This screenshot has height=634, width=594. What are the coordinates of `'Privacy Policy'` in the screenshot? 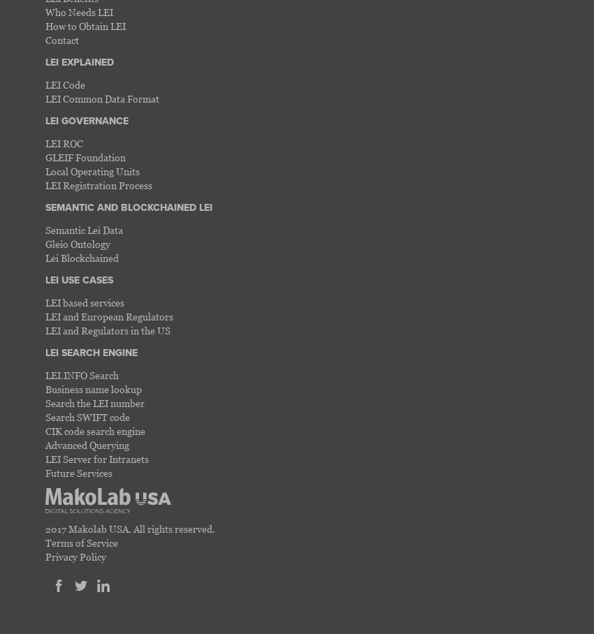 It's located at (75, 556).